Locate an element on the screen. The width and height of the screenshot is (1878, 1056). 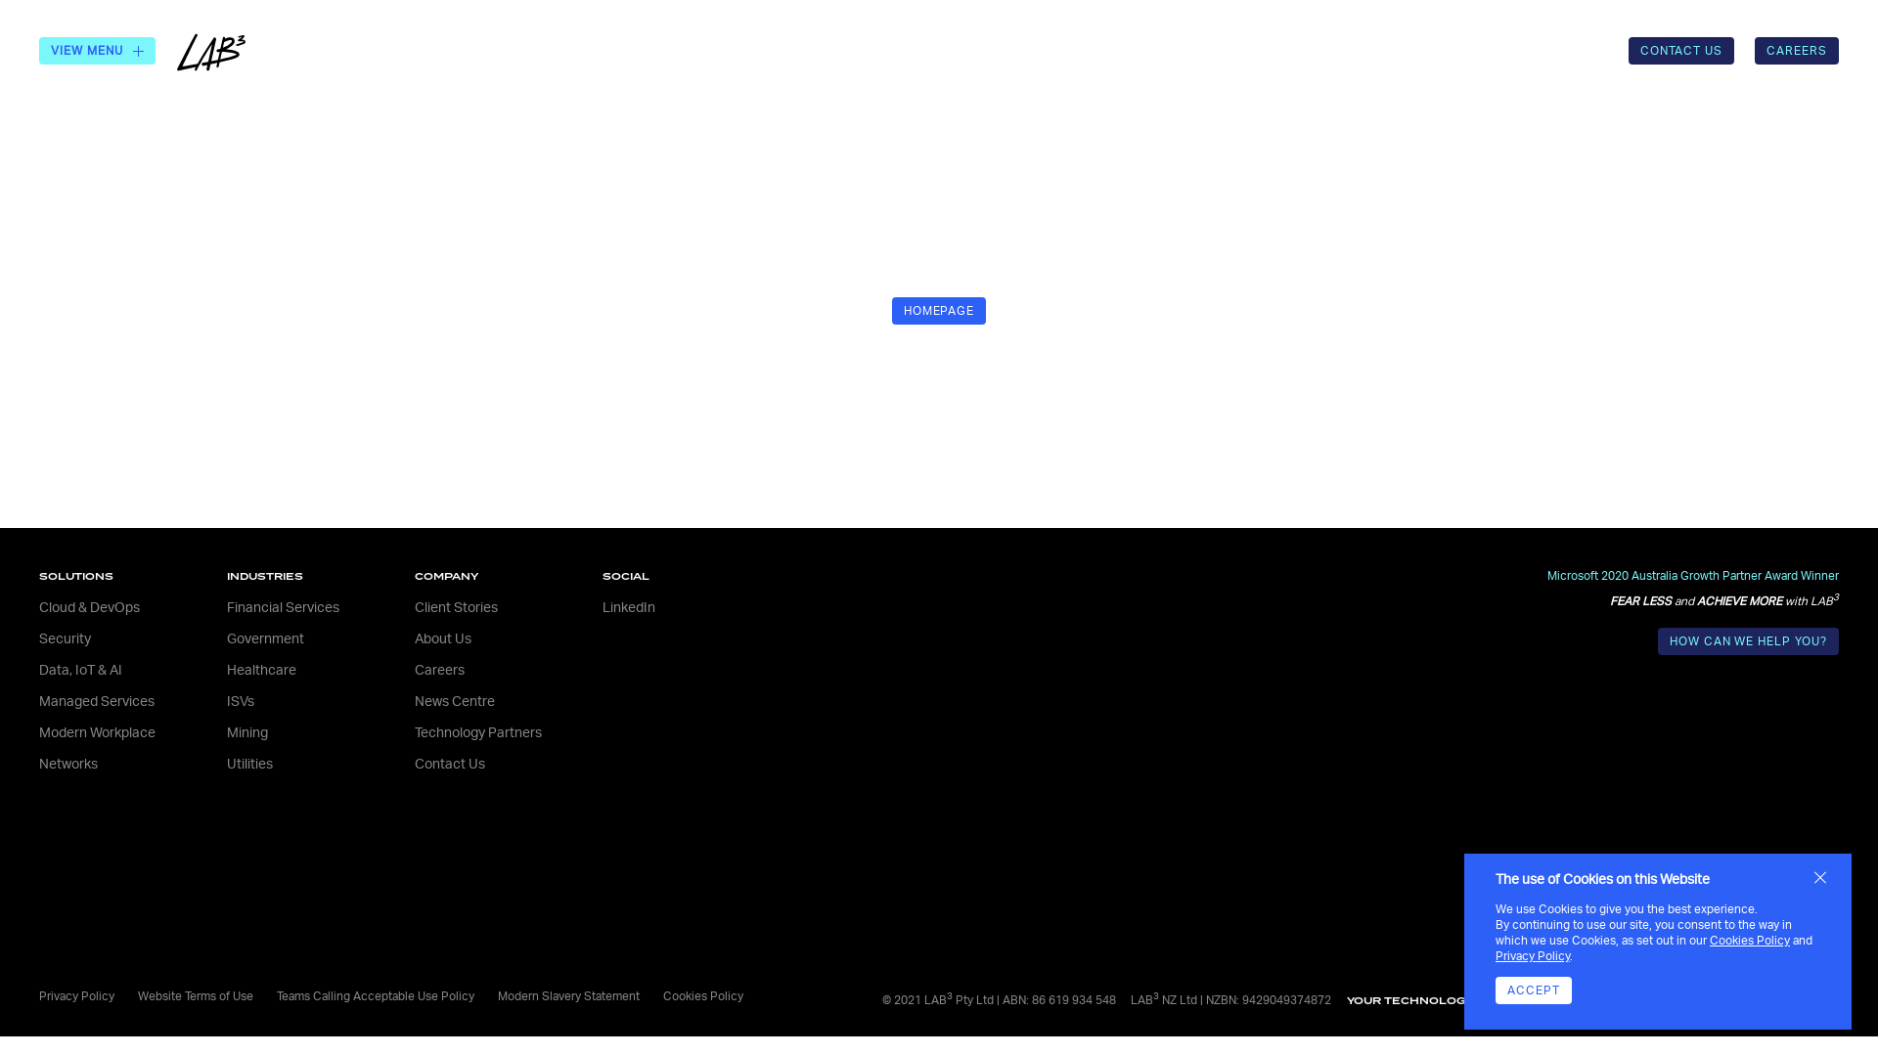
'Financial Services' is located at coordinates (226, 606).